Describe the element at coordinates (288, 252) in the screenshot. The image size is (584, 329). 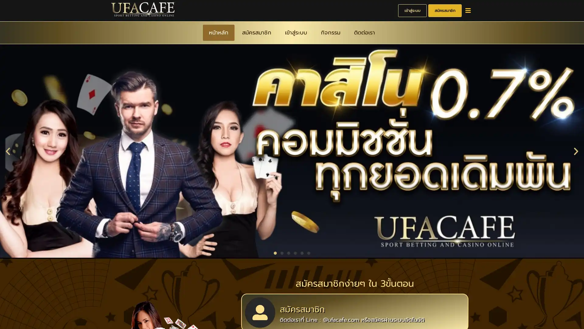
I see `Go to slide 3` at that location.